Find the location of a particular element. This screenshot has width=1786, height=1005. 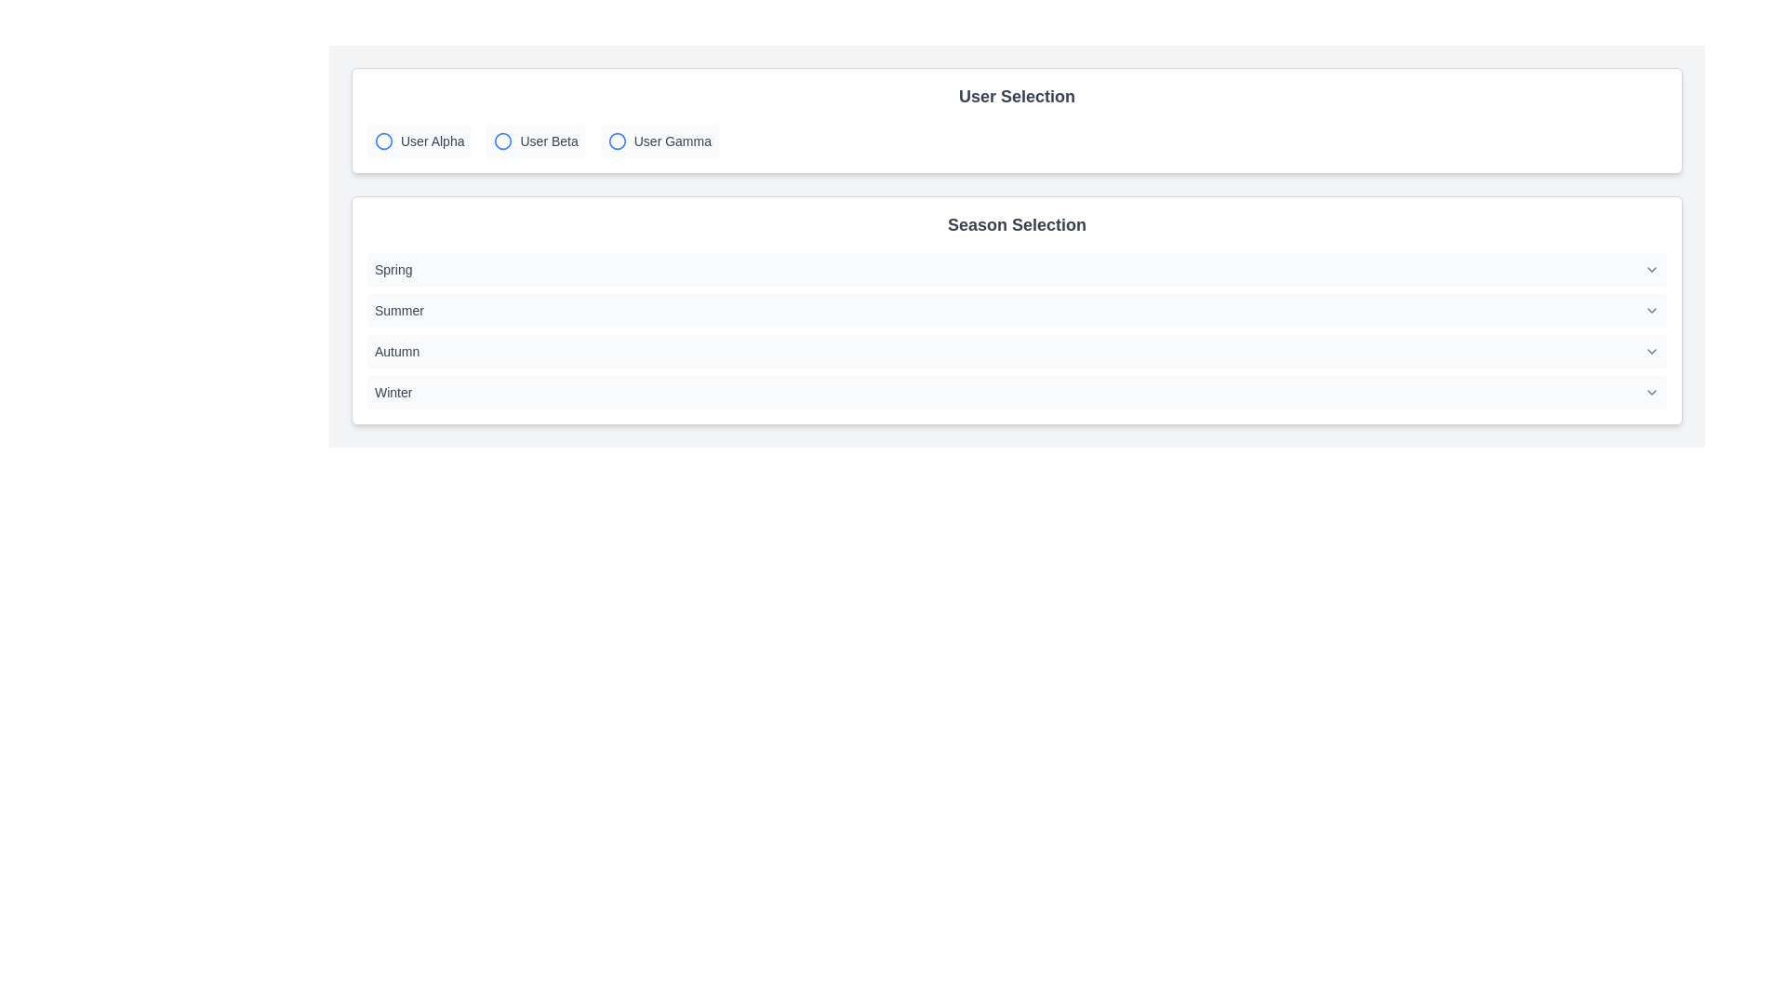

the leftmost circular icon with a blue outline in the 'User Selection' panel, representing the 'User Gamma' option is located at coordinates (617, 140).